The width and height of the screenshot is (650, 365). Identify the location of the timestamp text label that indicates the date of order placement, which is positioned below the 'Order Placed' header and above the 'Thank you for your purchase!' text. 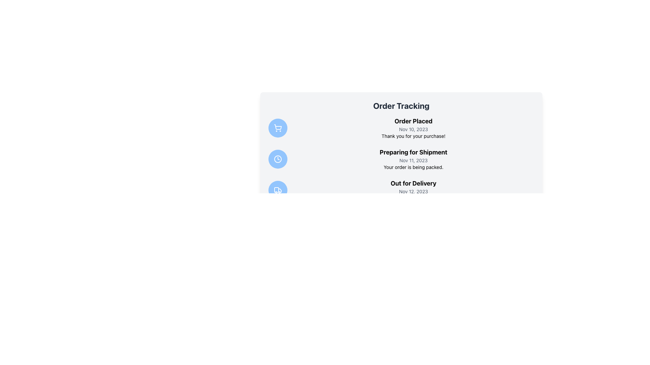
(413, 129).